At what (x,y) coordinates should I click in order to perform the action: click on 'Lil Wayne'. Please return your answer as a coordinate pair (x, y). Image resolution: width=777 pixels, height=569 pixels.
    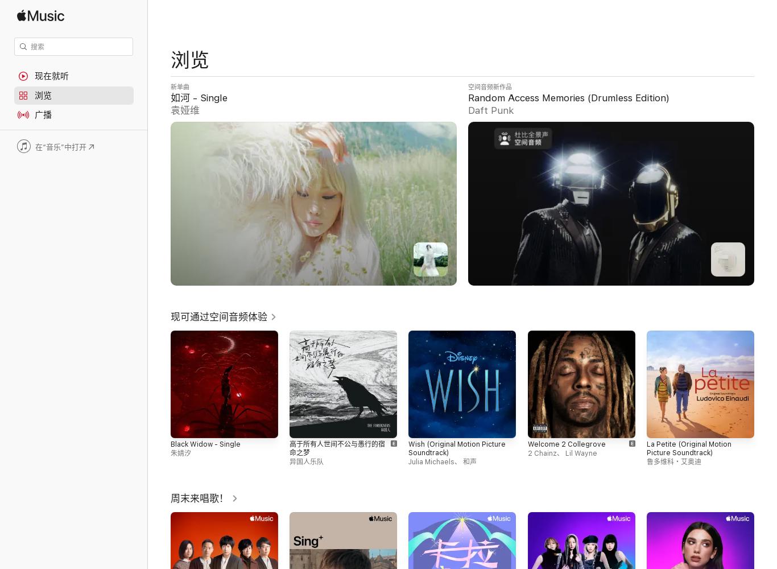
    Looking at the image, I should click on (580, 453).